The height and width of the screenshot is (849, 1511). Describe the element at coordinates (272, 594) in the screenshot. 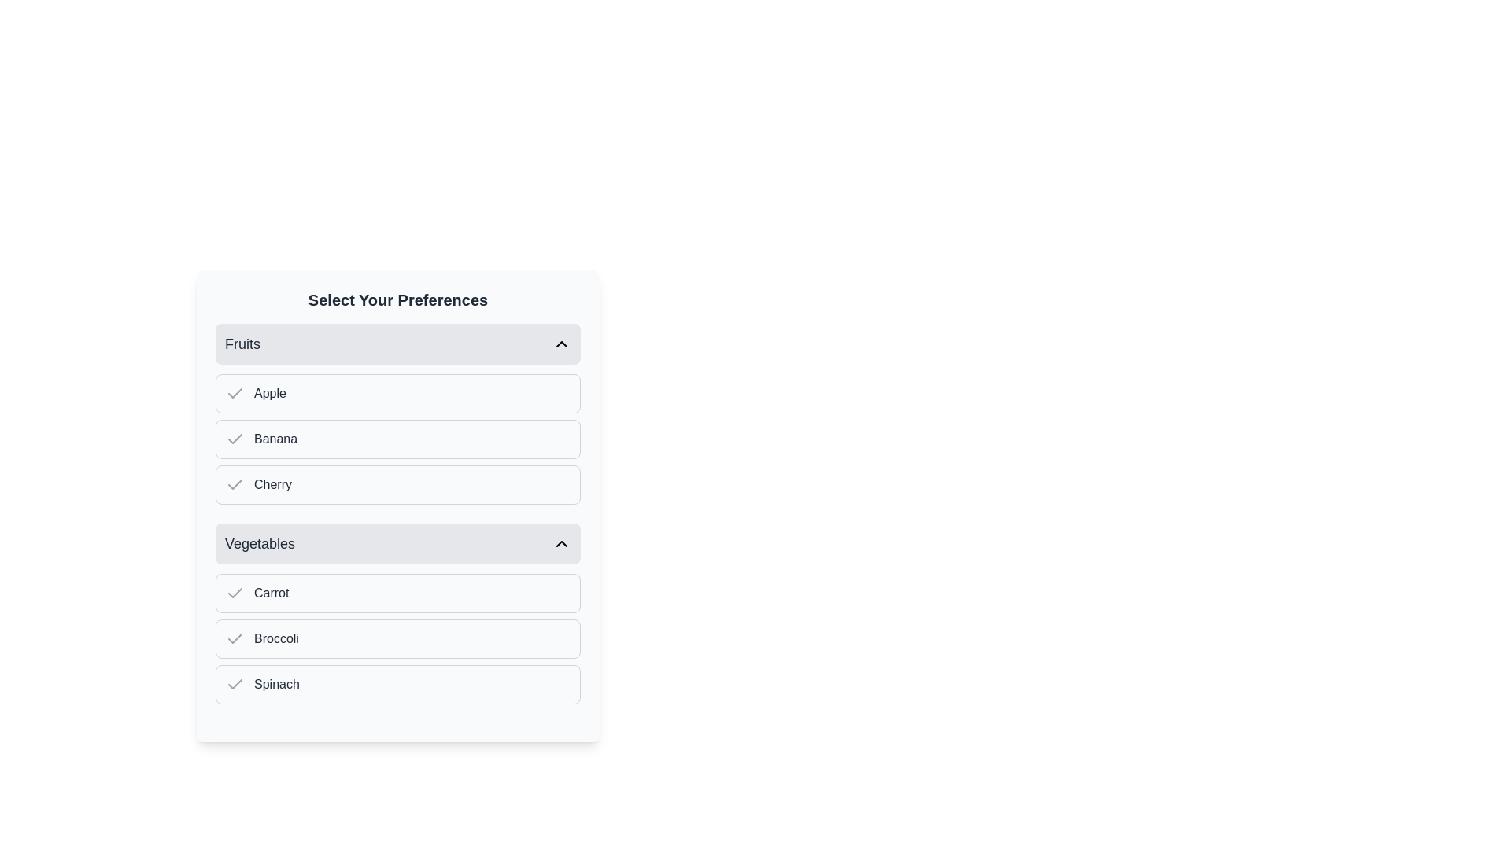

I see `the text content of the 'Carrot' label, which is styled with medium font weight and gray color, located in the 'Vegetables' section of the interface` at that location.